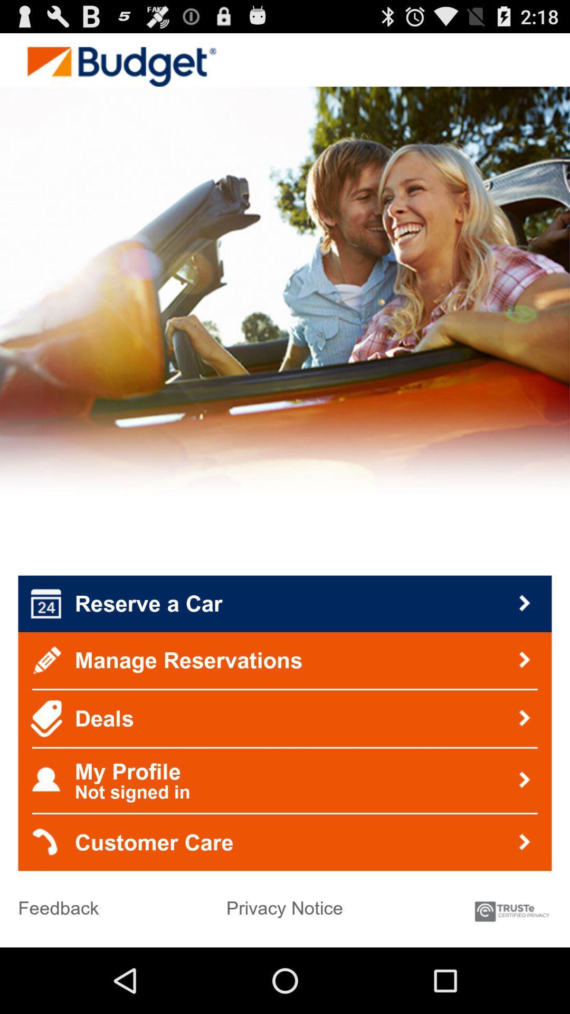 Image resolution: width=570 pixels, height=1014 pixels. I want to click on item to the right of privacy notice, so click(511, 906).